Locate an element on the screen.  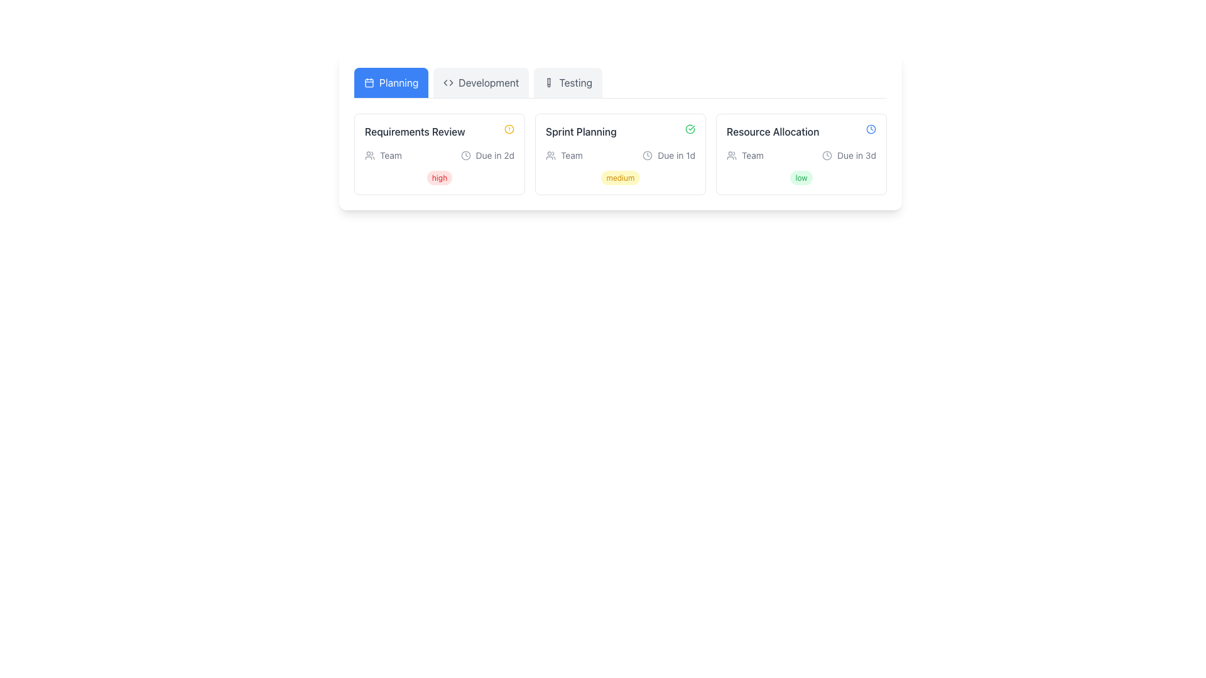
the label element indicating 'Resource Allocation' at the top section of the card, which helps users identify the topic or task represented by the card is located at coordinates (801, 131).